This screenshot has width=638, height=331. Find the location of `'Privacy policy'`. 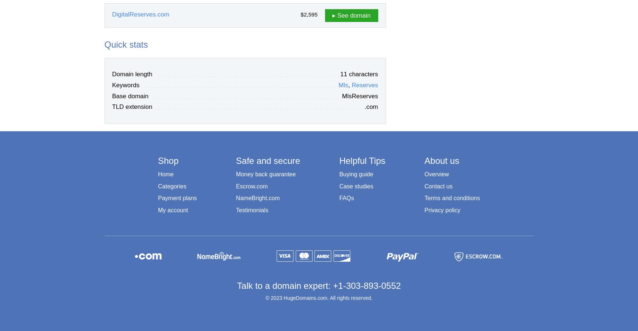

'Privacy policy' is located at coordinates (442, 210).